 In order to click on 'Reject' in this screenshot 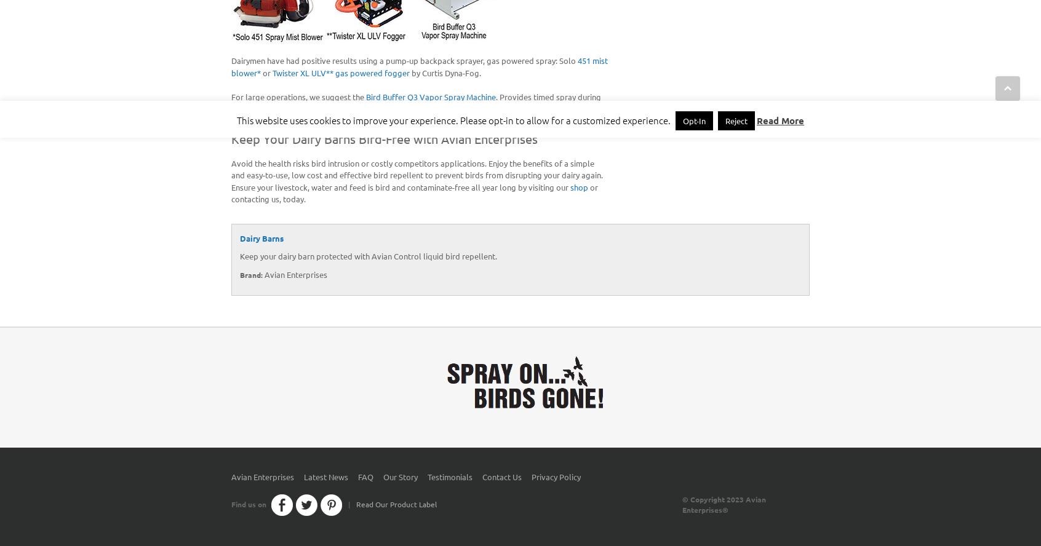, I will do `click(735, 120)`.